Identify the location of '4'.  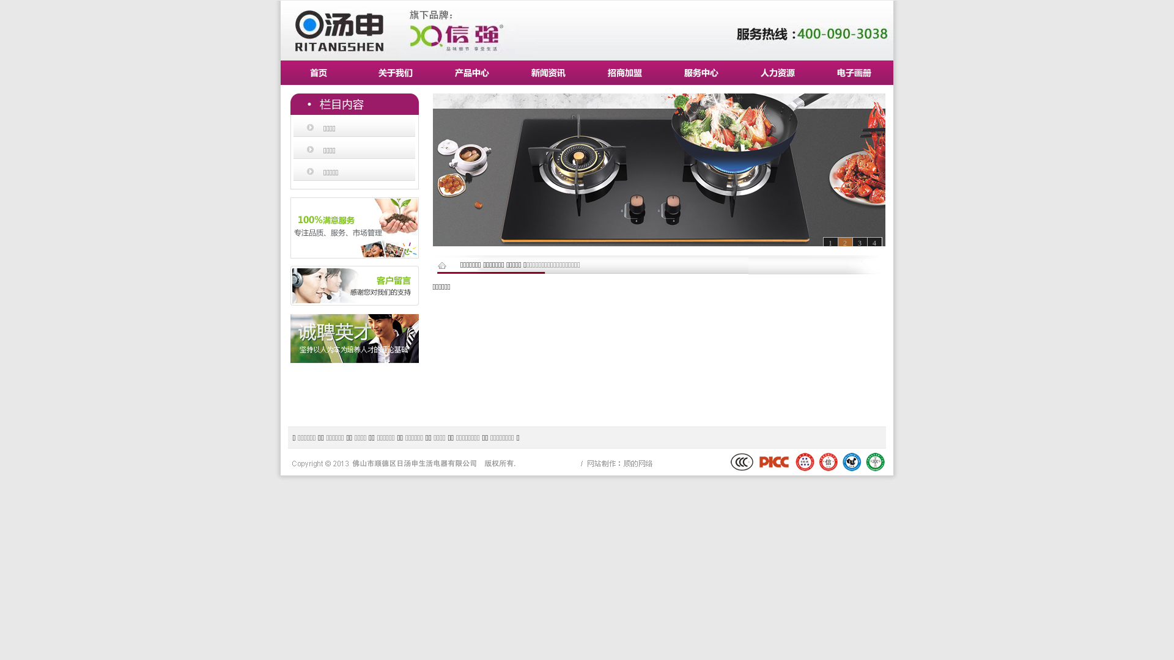
(874, 243).